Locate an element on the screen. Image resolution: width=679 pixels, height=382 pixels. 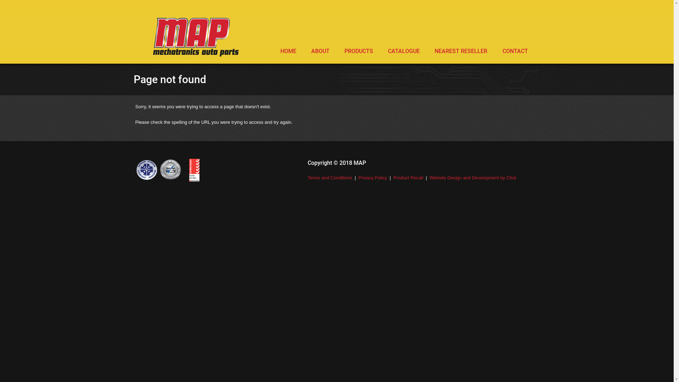
'Website Design and Development by Click' is located at coordinates (473, 177).